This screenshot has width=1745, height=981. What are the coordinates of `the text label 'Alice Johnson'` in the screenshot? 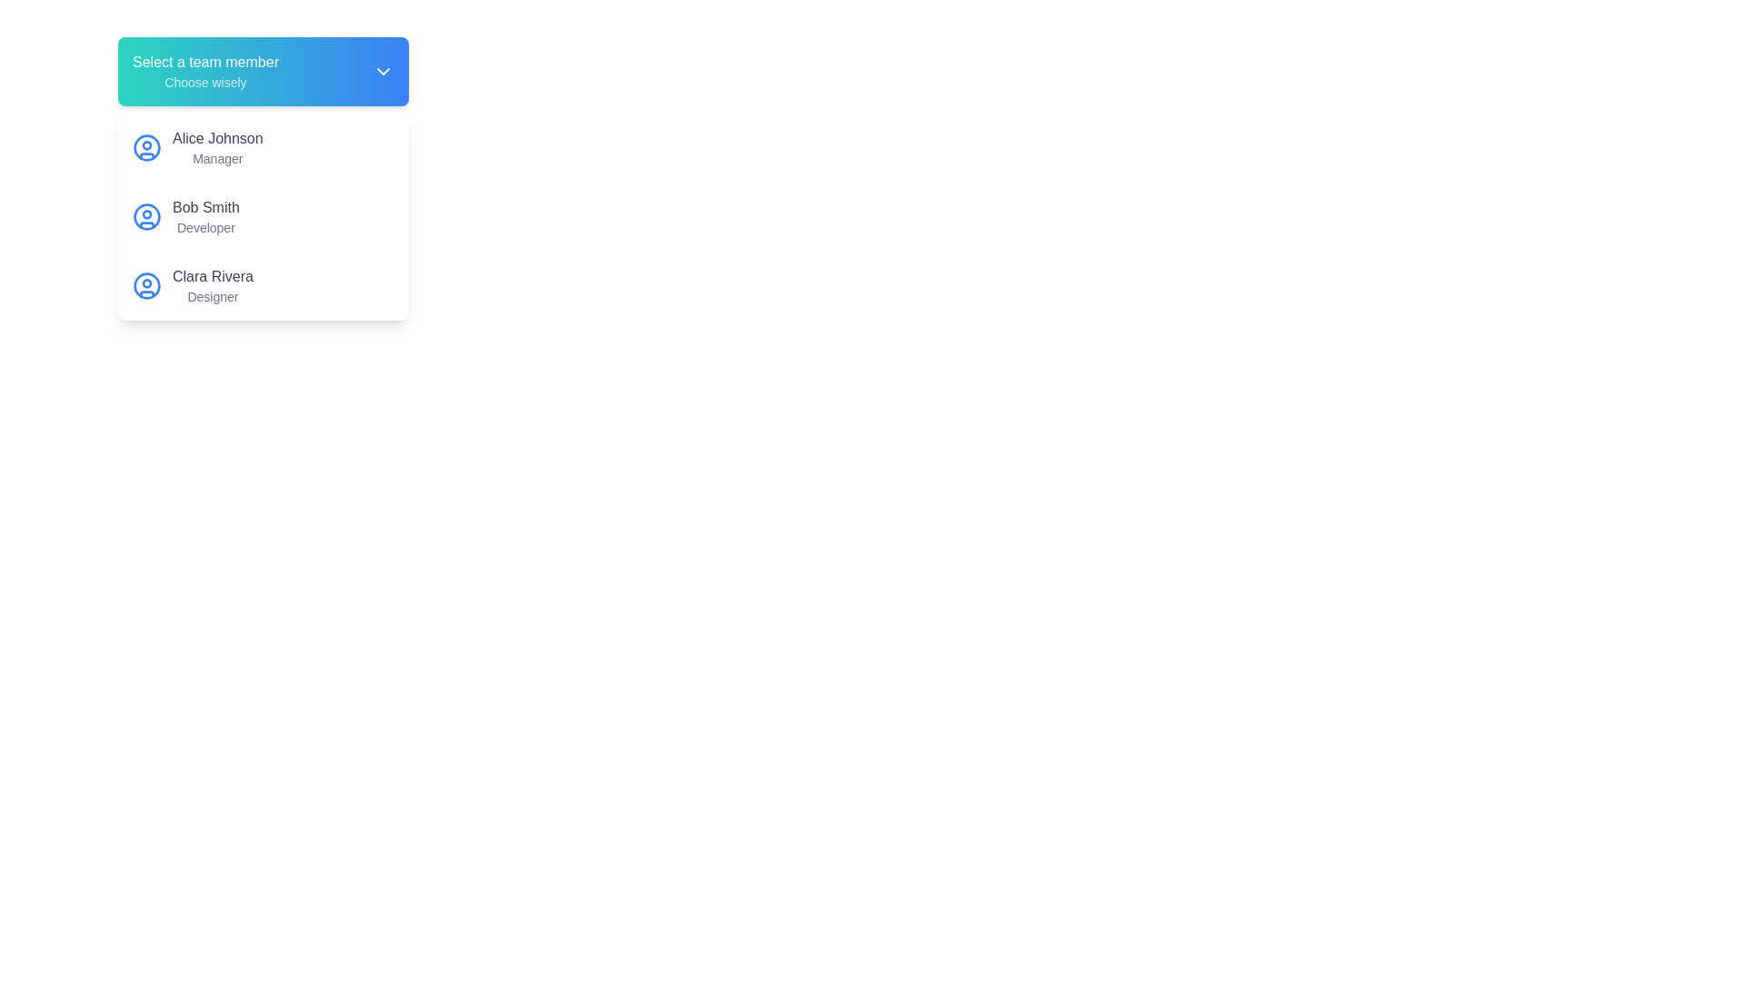 It's located at (217, 138).